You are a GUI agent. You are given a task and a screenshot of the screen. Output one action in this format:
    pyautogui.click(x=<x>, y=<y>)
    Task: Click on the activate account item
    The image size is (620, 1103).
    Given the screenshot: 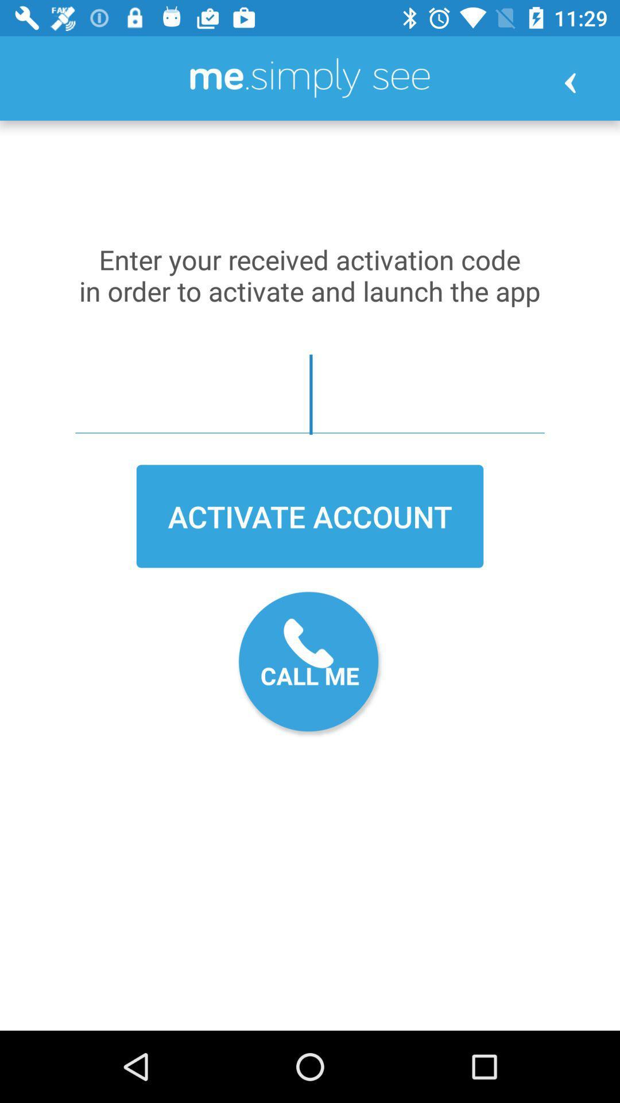 What is the action you would take?
    pyautogui.click(x=310, y=515)
    